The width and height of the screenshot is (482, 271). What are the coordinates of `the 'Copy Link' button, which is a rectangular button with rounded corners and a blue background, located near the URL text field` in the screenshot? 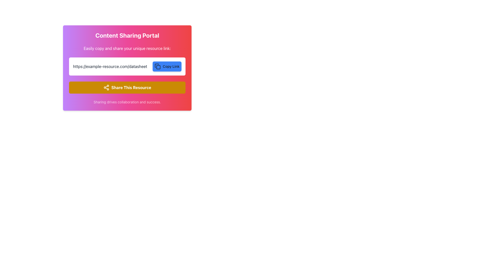 It's located at (167, 66).